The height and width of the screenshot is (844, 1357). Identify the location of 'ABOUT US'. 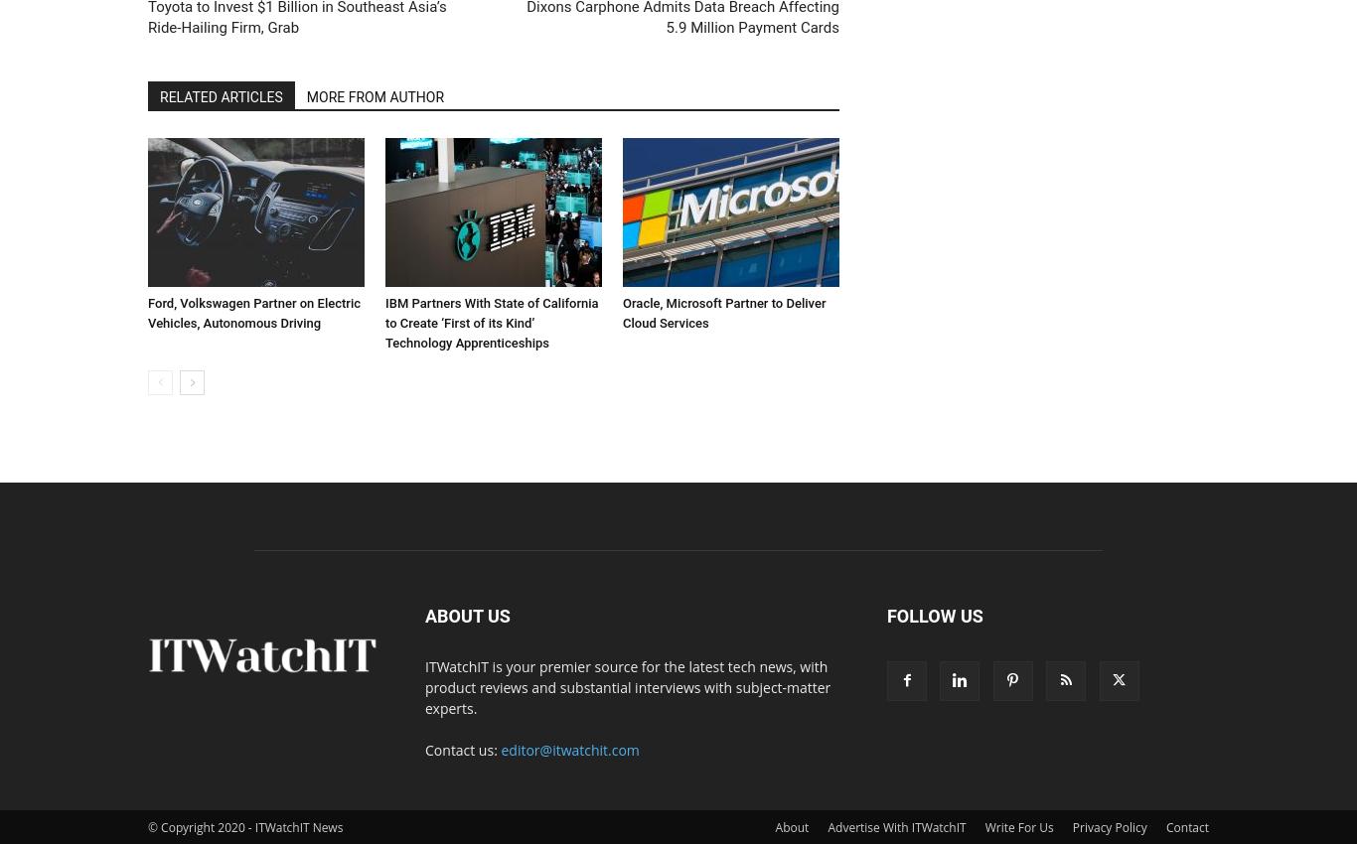
(467, 614).